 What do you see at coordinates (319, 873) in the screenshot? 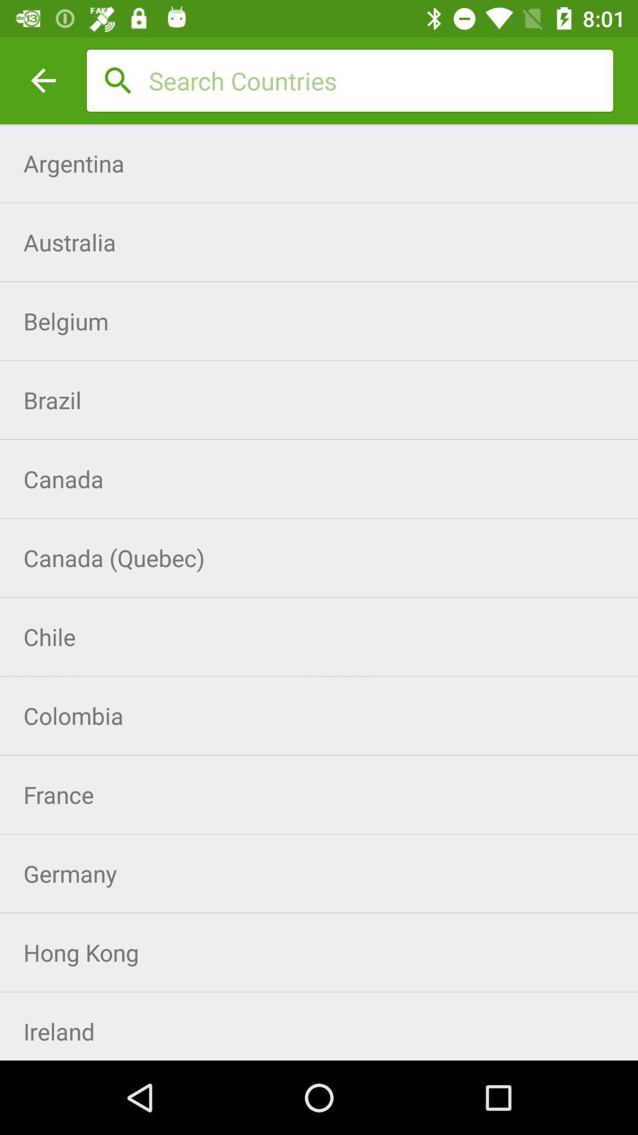
I see `the germany icon` at bounding box center [319, 873].